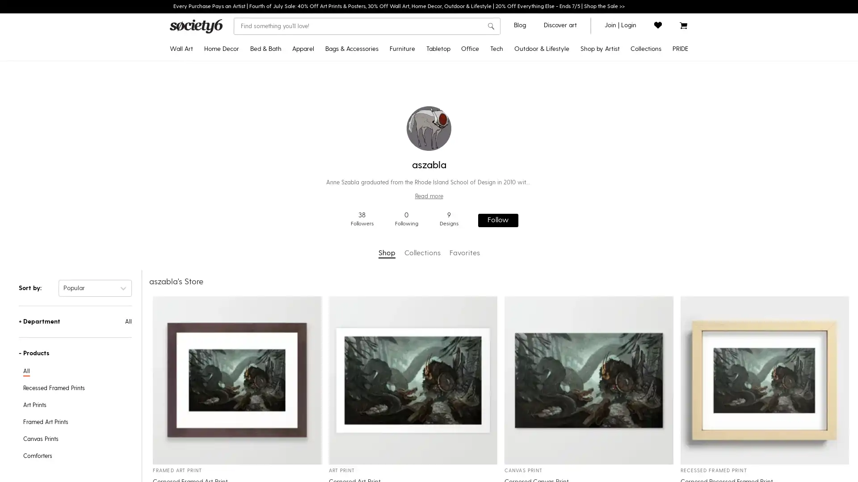  What do you see at coordinates (600, 49) in the screenshot?
I see `Shop by Artist` at bounding box center [600, 49].